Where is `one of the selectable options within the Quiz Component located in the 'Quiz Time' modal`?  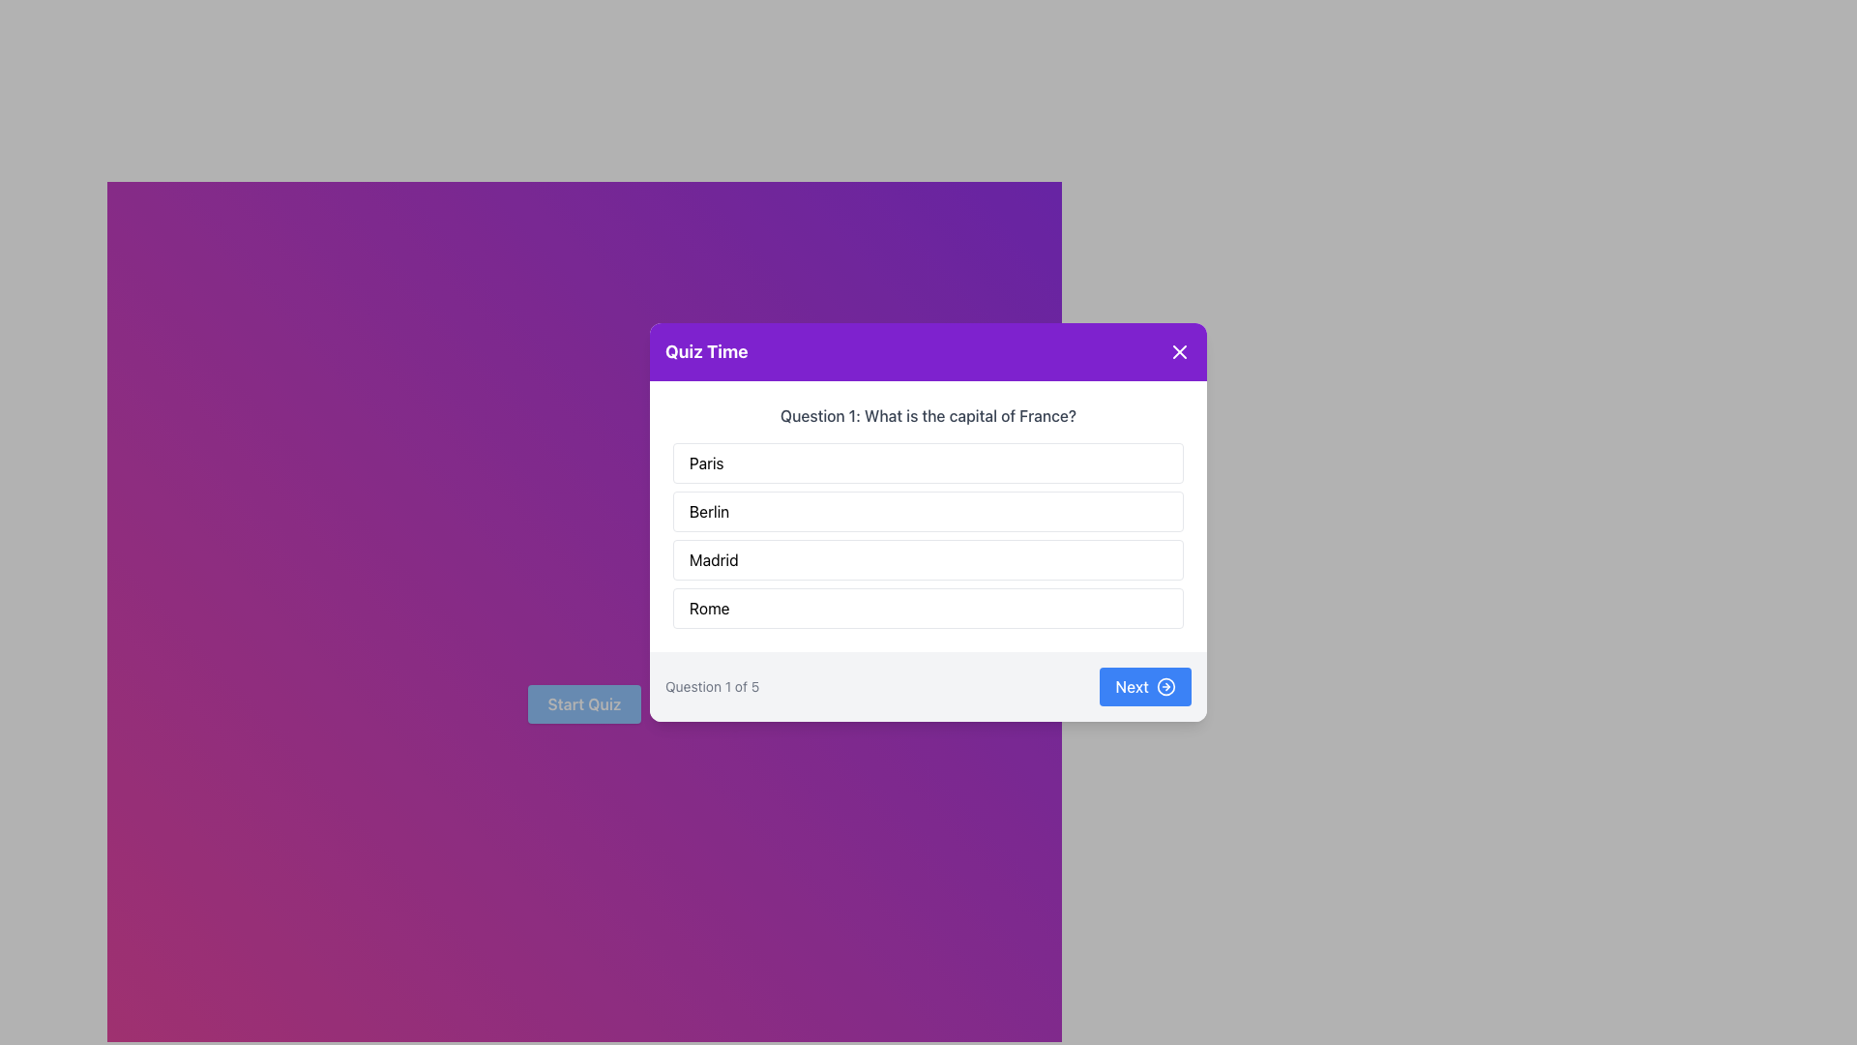
one of the selectable options within the Quiz Component located in the 'Quiz Time' modal is located at coordinates (928, 515).